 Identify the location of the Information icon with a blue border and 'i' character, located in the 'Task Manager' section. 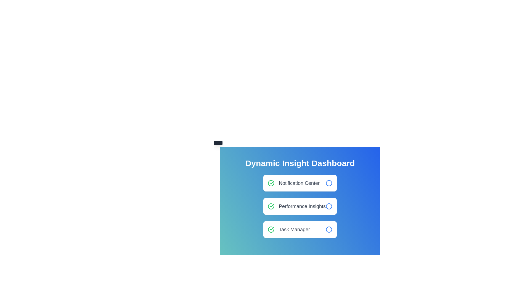
(329, 230).